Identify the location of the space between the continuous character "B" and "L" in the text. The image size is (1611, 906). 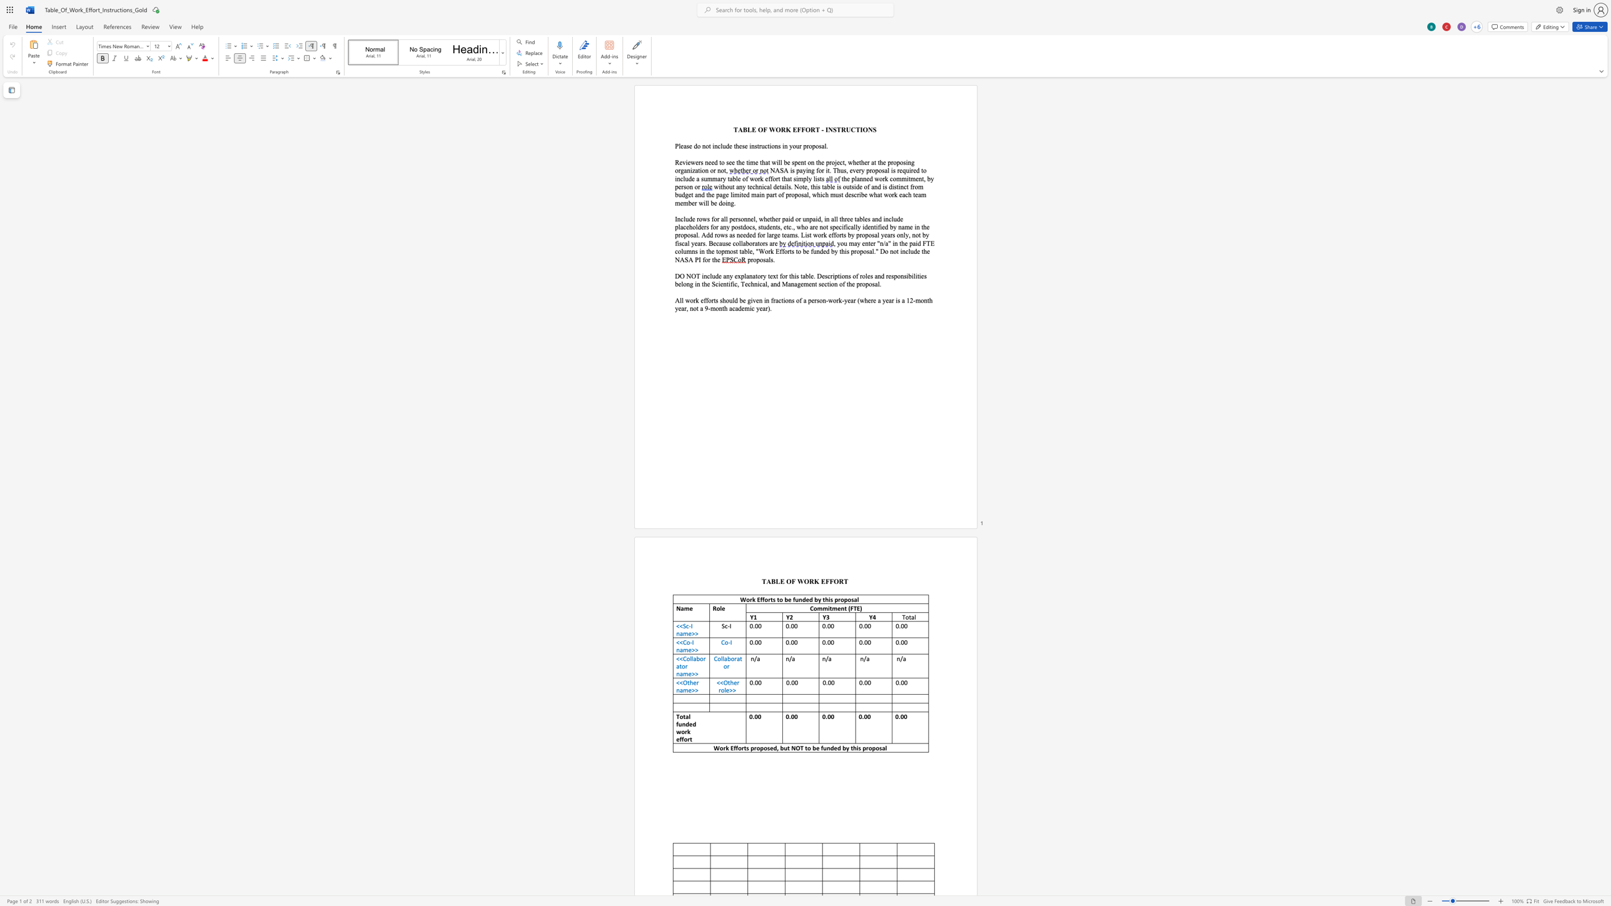
(747, 129).